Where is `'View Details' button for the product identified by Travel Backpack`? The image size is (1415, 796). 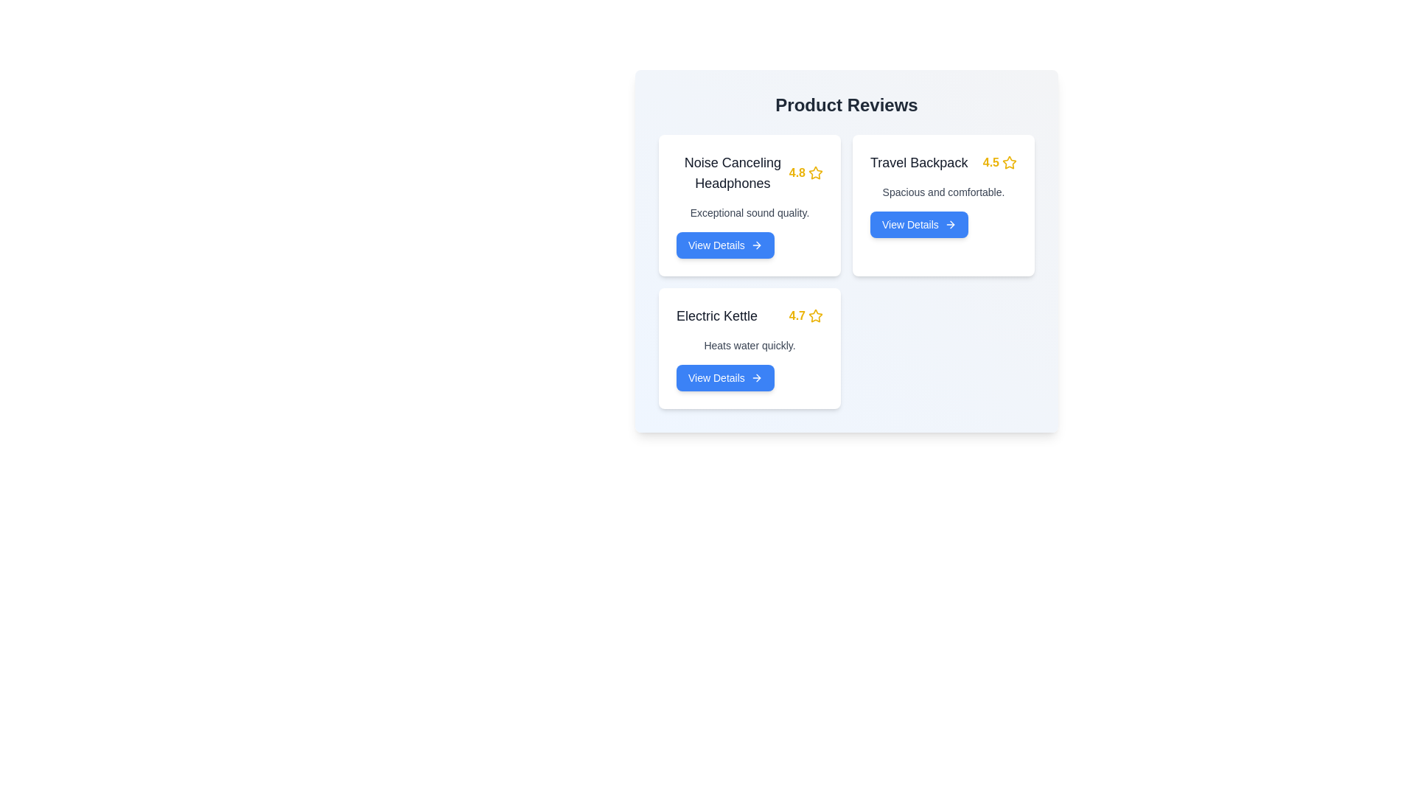
'View Details' button for the product identified by Travel Backpack is located at coordinates (918, 224).